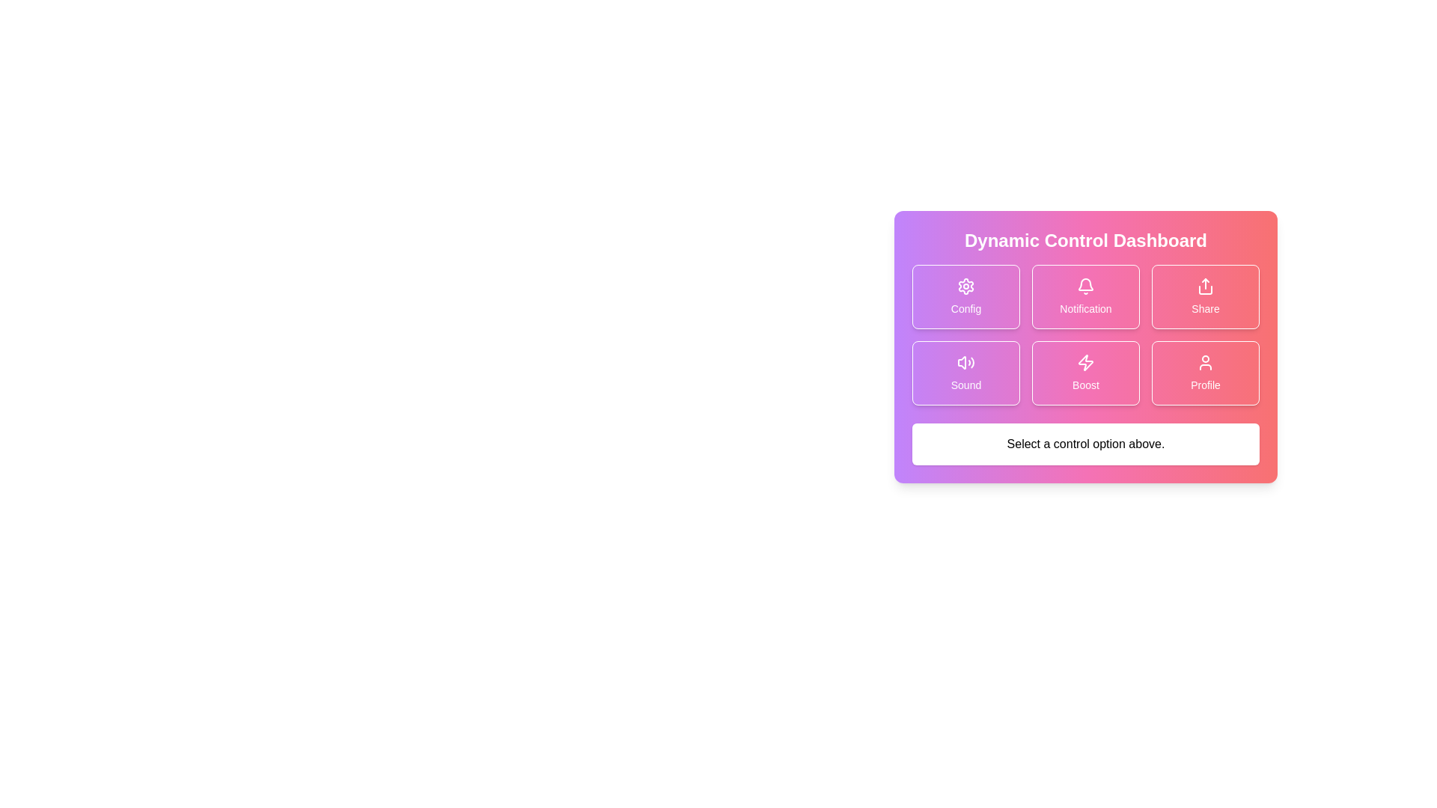 The width and height of the screenshot is (1437, 808). I want to click on the 'Config' button located in the top-left corner of the grid layout, so click(966, 297).